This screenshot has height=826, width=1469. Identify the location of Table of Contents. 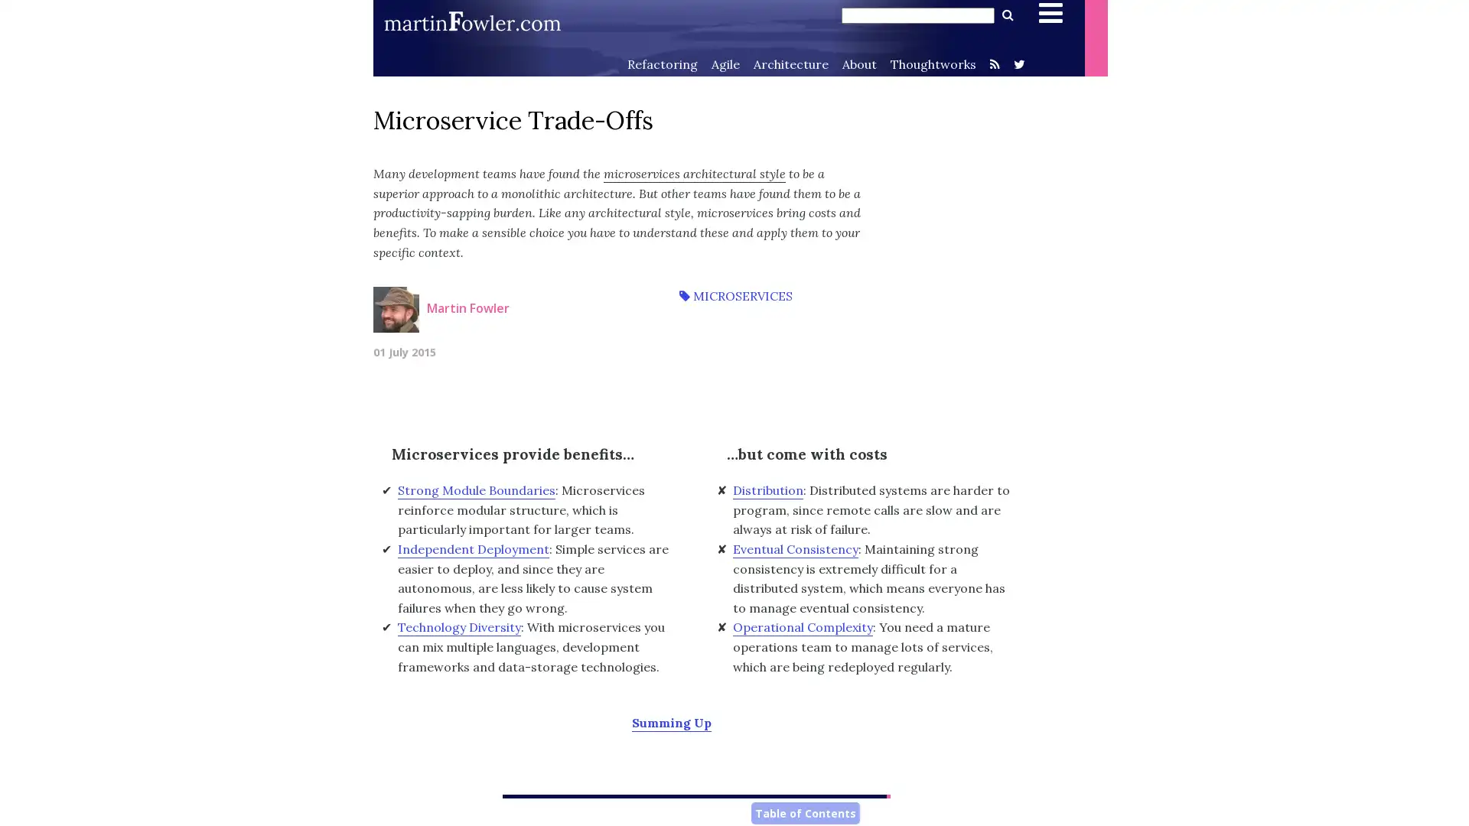
(804, 812).